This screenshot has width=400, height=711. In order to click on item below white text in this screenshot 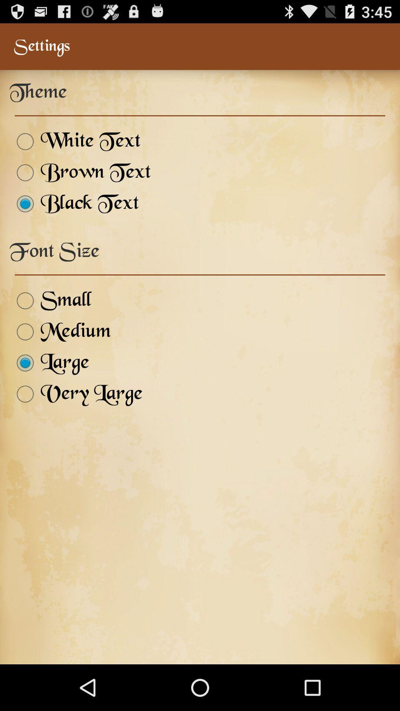, I will do `click(80, 172)`.